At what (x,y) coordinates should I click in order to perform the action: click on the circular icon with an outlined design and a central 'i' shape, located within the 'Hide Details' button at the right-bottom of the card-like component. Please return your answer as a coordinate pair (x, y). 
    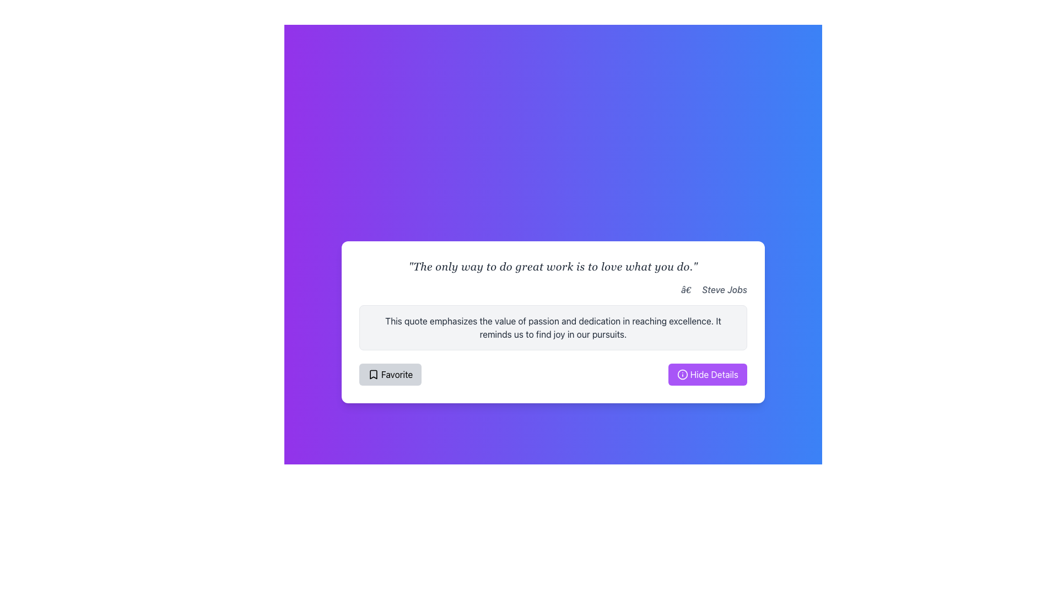
    Looking at the image, I should click on (682, 374).